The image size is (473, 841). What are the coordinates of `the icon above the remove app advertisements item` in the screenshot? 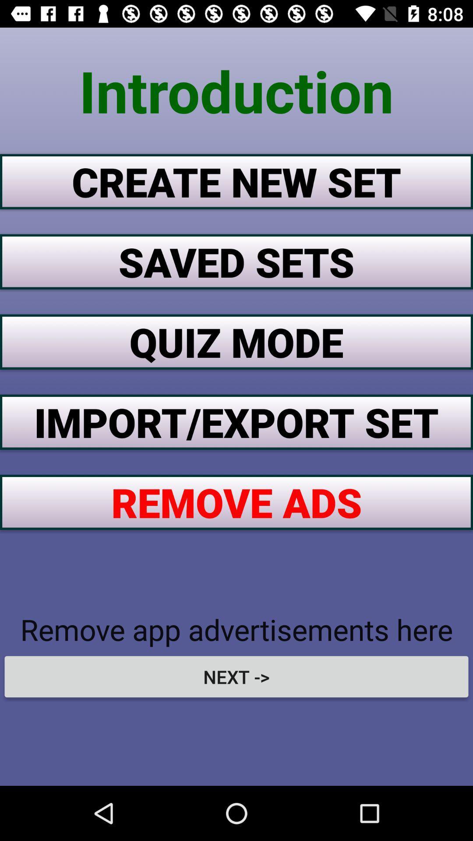 It's located at (236, 502).